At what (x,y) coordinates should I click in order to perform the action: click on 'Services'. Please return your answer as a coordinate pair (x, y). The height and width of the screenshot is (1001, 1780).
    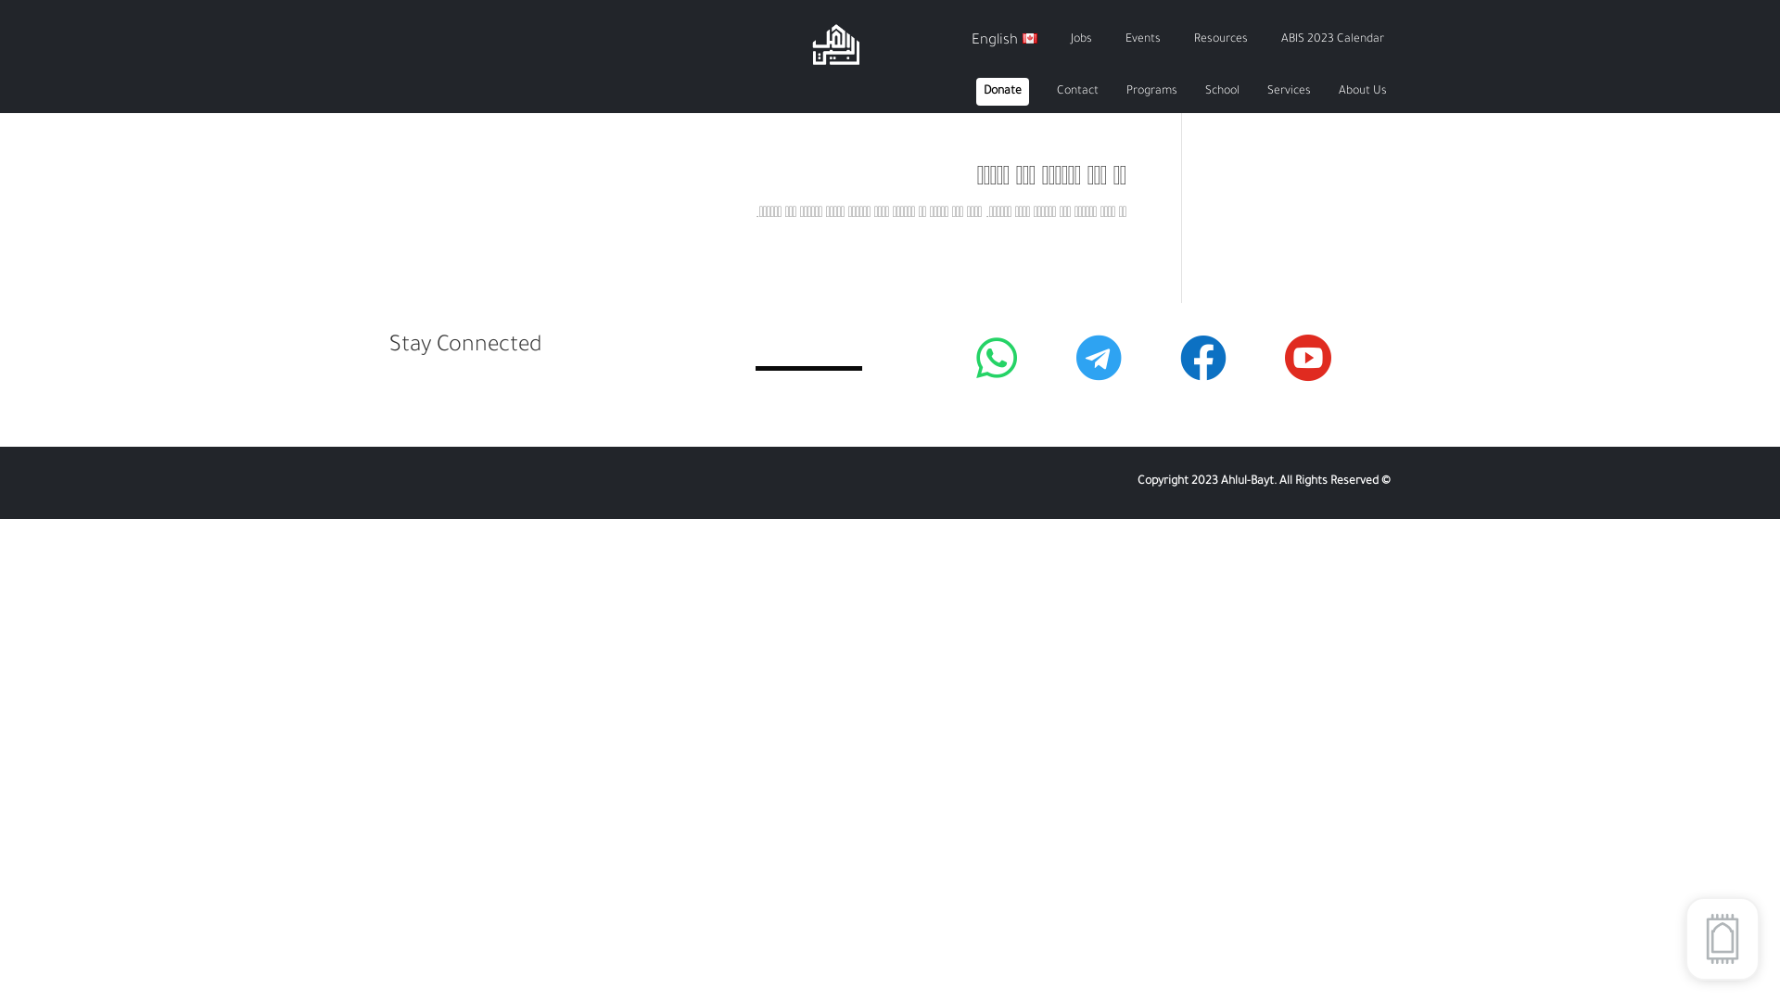
    Looking at the image, I should click on (1288, 92).